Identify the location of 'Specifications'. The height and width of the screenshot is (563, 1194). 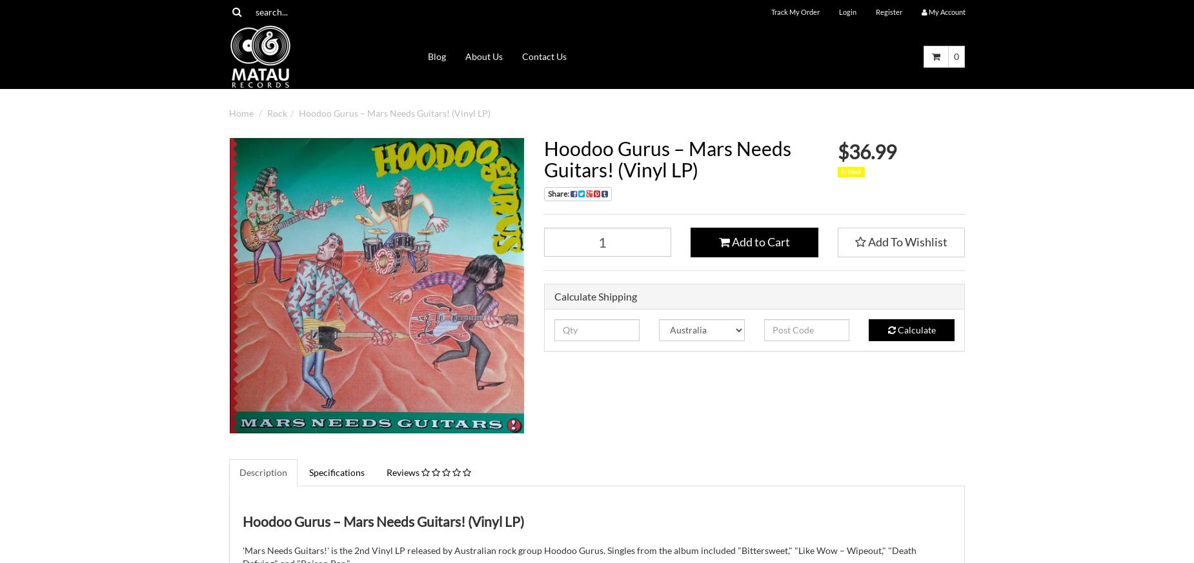
(337, 471).